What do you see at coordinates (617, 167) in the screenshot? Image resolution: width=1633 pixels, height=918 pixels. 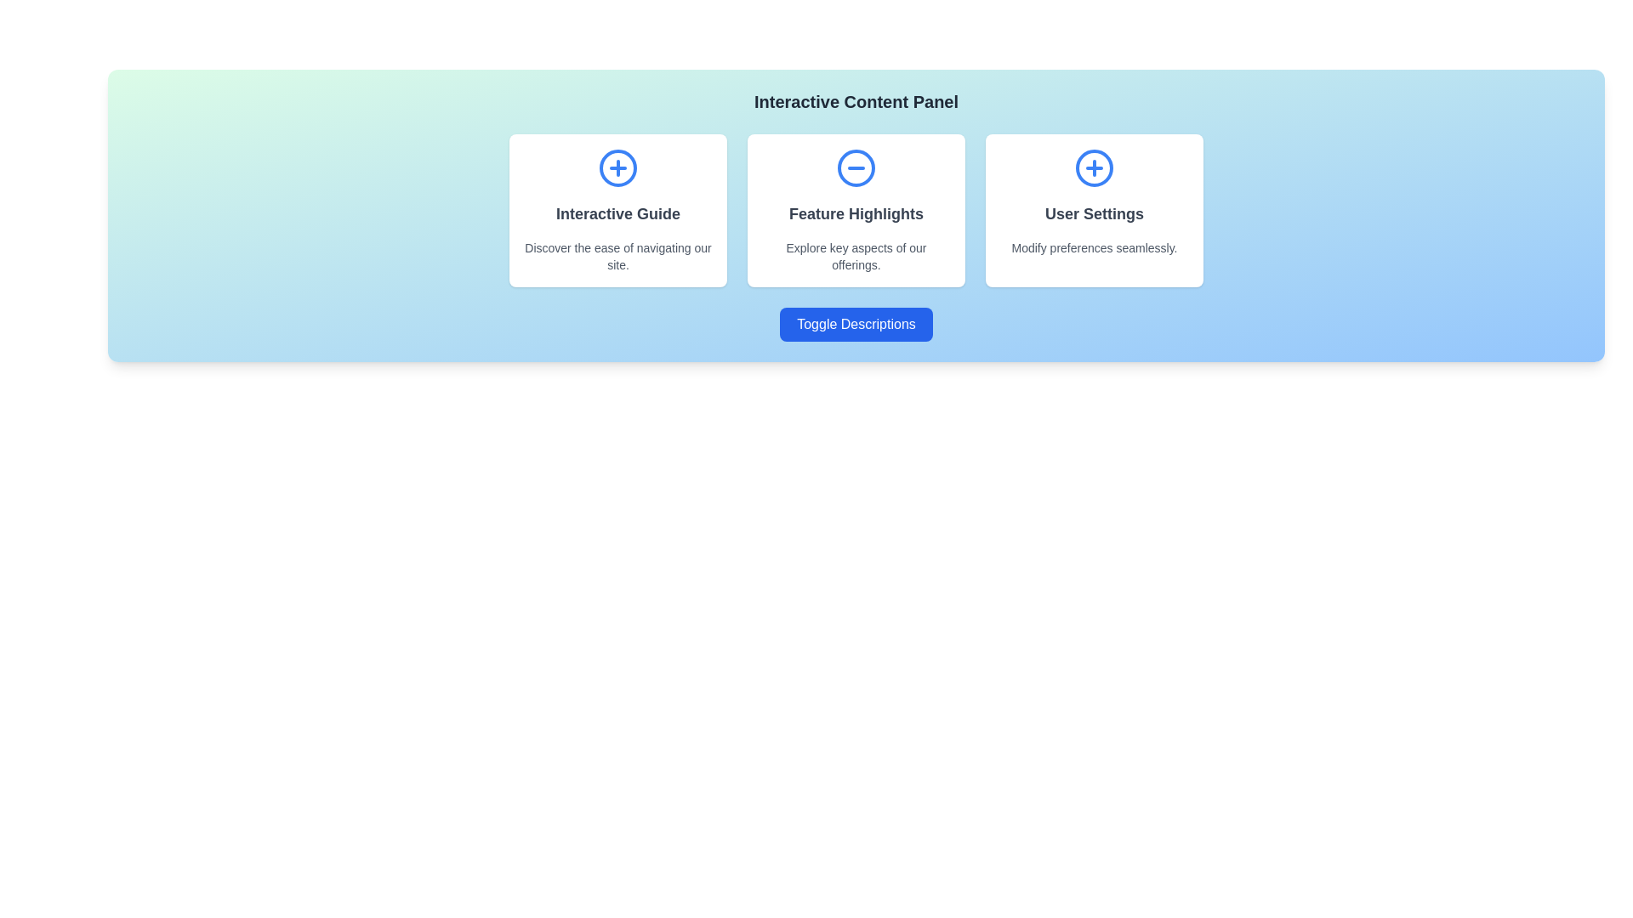 I see `the interactive icon located at the center of the 'Interactive Guide' card` at bounding box center [617, 167].